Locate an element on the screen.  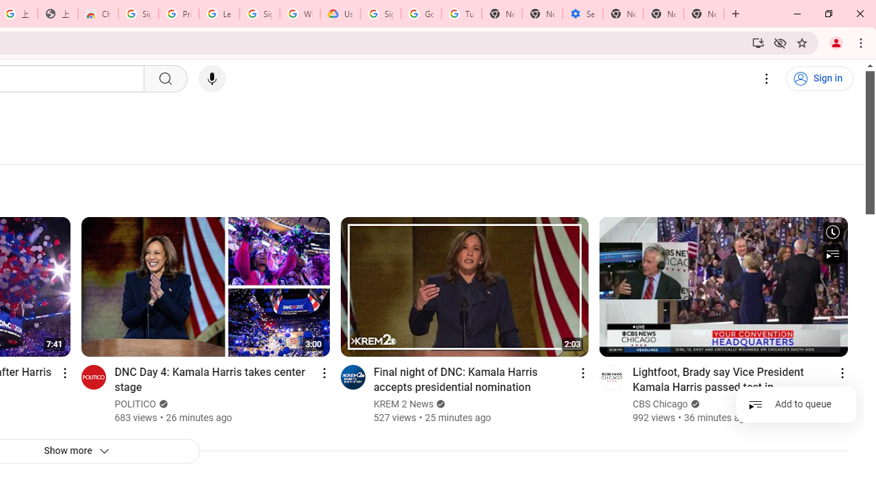
'Verified' is located at coordinates (694, 403).